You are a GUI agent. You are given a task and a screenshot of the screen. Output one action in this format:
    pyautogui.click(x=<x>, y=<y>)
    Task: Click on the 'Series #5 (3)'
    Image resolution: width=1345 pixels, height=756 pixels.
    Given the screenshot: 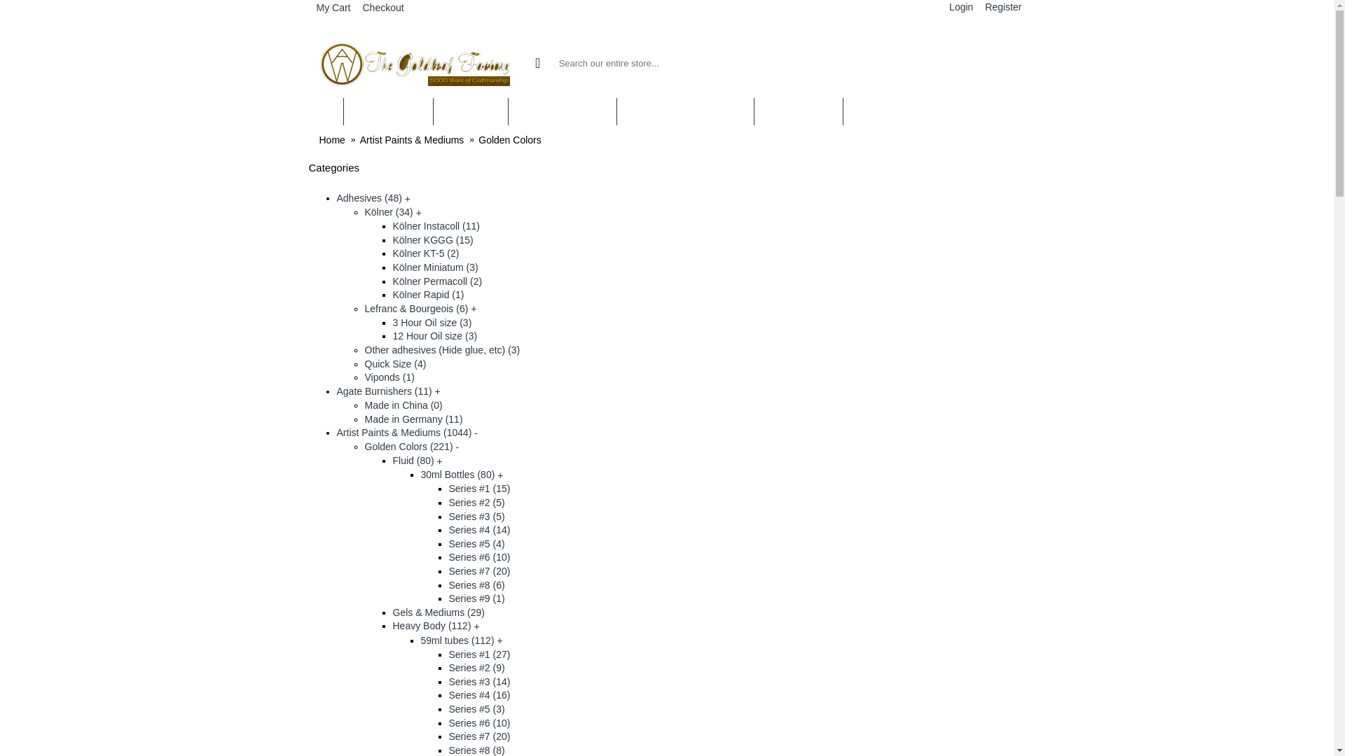 What is the action you would take?
    pyautogui.click(x=476, y=709)
    